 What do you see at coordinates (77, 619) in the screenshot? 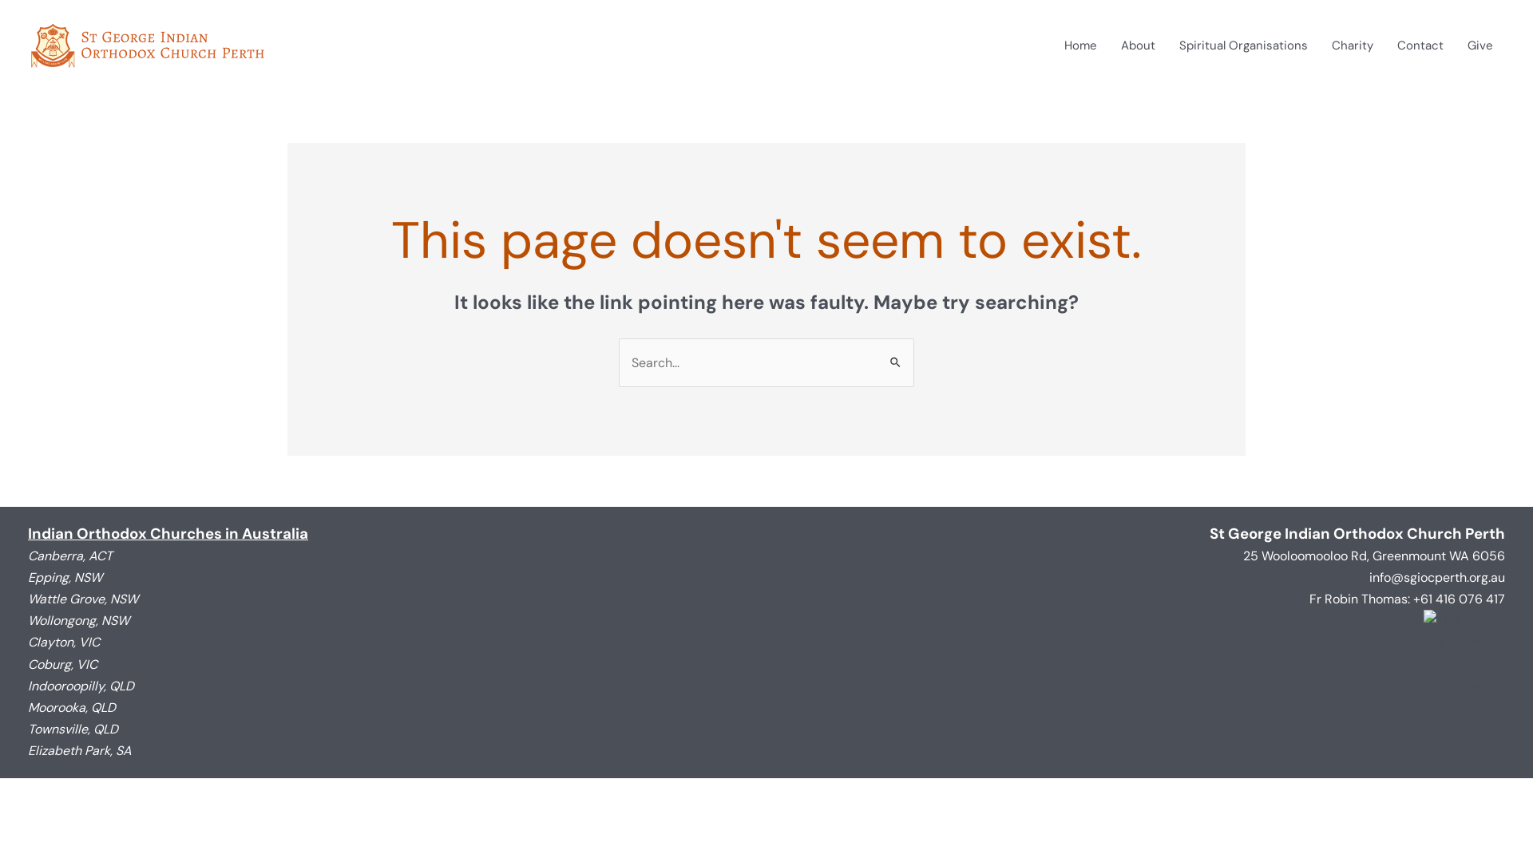
I see `'Wollongong, NSW'` at bounding box center [77, 619].